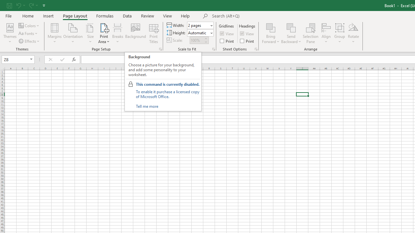 Image resolution: width=415 pixels, height=233 pixels. What do you see at coordinates (255, 49) in the screenshot?
I see `'Sheet Options'` at bounding box center [255, 49].